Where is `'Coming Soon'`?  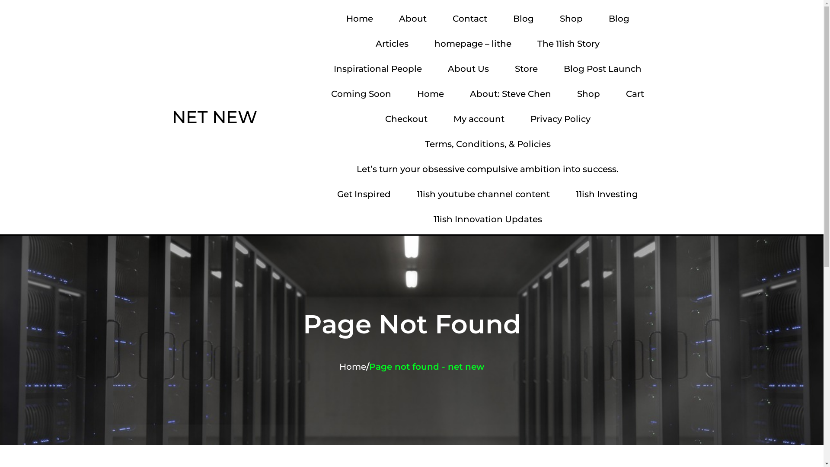
'Coming Soon' is located at coordinates (361, 93).